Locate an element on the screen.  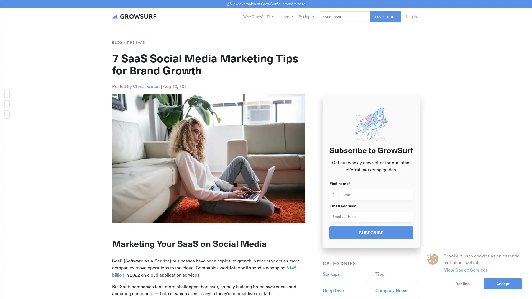
allow cookies is located at coordinates (503, 283).